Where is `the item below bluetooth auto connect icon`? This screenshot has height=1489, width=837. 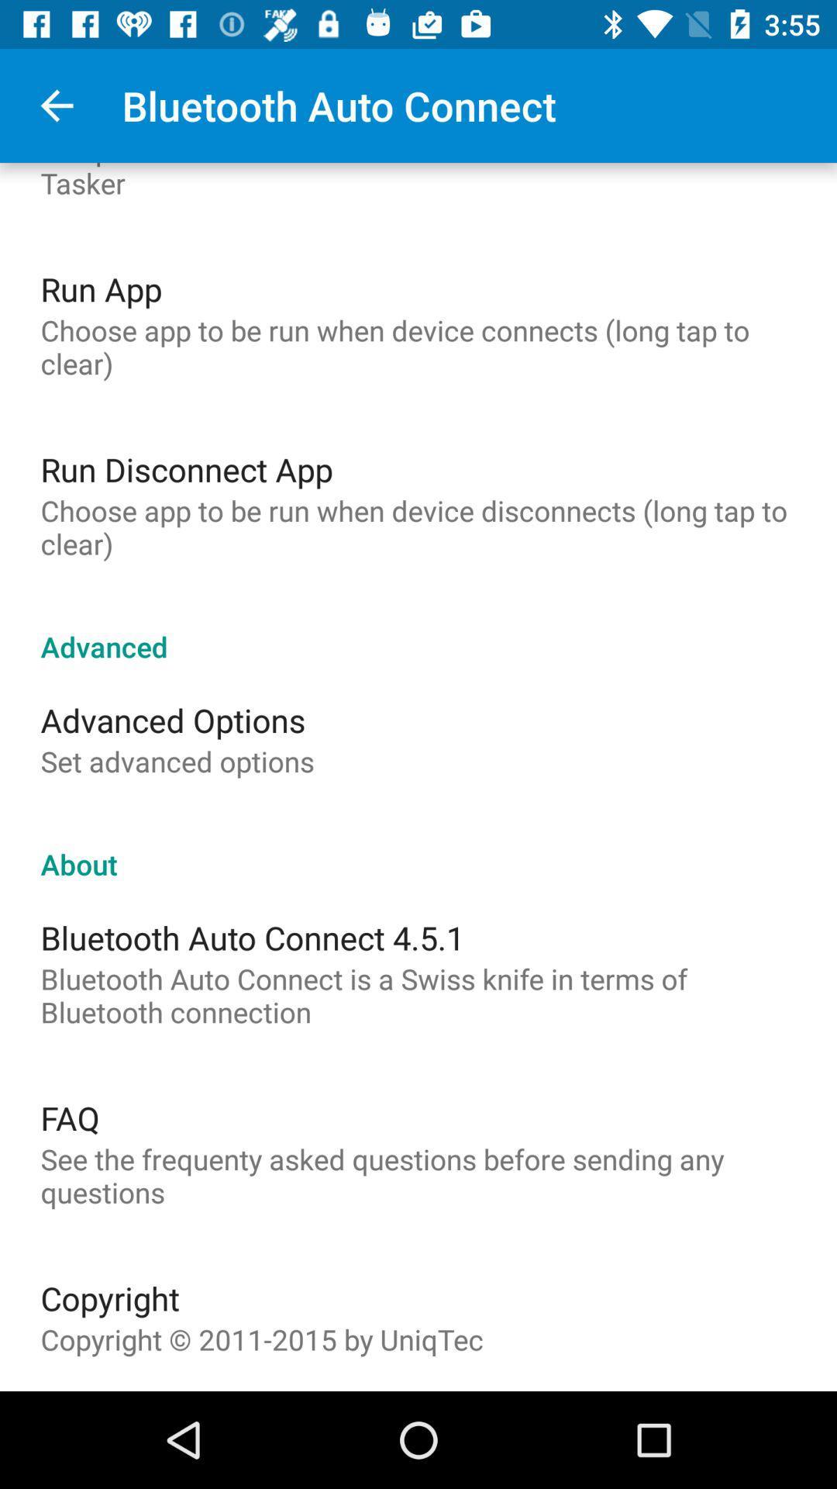 the item below bluetooth auto connect icon is located at coordinates (70, 1118).